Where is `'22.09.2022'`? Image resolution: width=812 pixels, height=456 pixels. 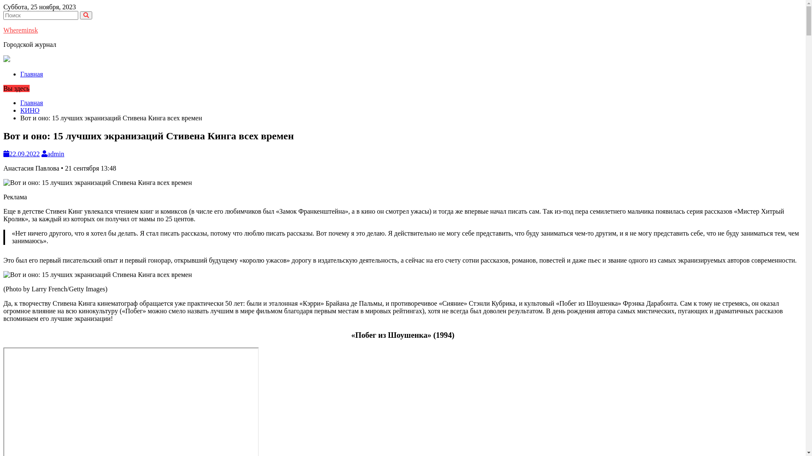
'22.09.2022' is located at coordinates (3, 154).